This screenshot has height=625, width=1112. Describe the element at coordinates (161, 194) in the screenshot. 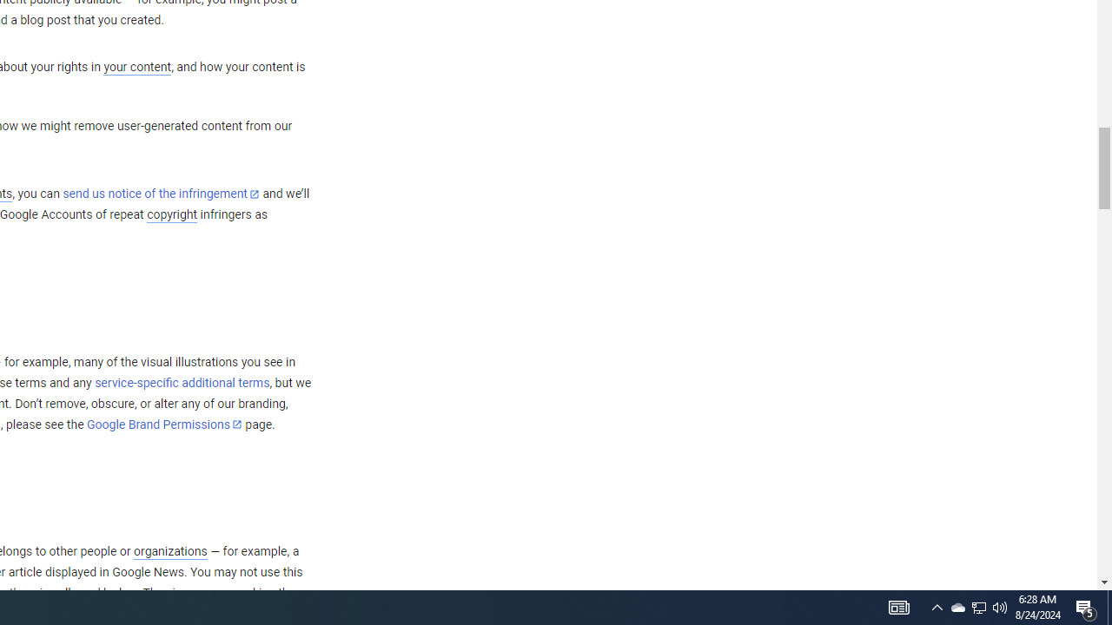

I see `'send us notice of the infringement'` at that location.